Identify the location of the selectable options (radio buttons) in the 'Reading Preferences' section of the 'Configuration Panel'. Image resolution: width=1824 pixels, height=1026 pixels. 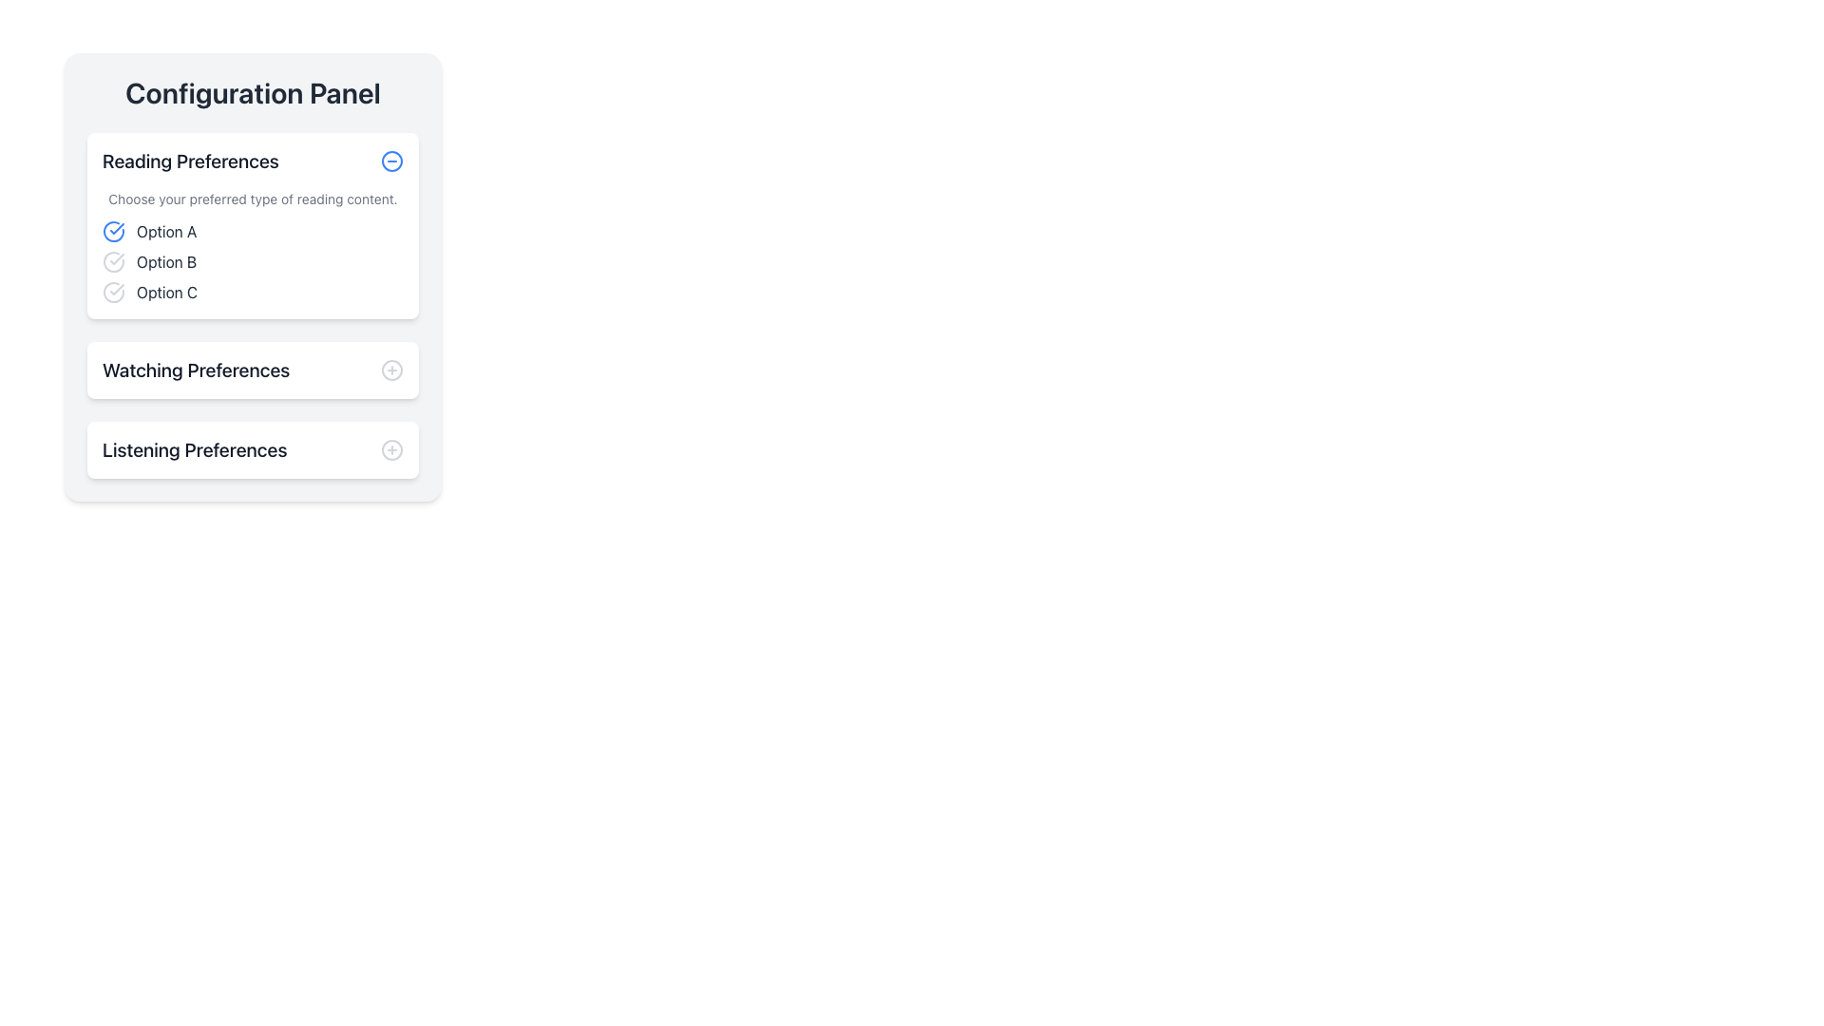
(252, 245).